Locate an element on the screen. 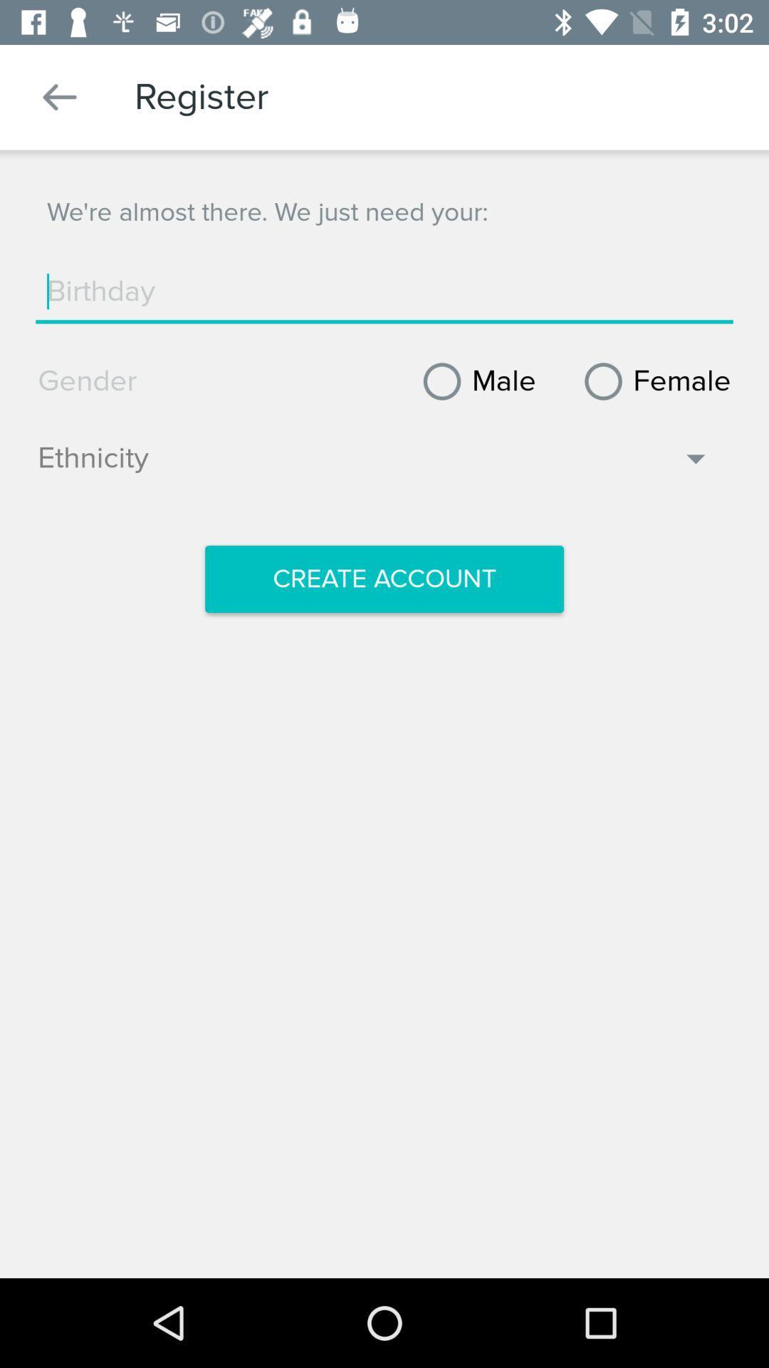 The width and height of the screenshot is (769, 1368). create account icon is located at coordinates (384, 579).